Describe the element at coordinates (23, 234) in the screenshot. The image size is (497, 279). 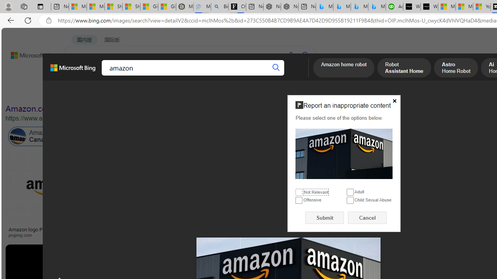
I see `'pngimg.com'` at that location.